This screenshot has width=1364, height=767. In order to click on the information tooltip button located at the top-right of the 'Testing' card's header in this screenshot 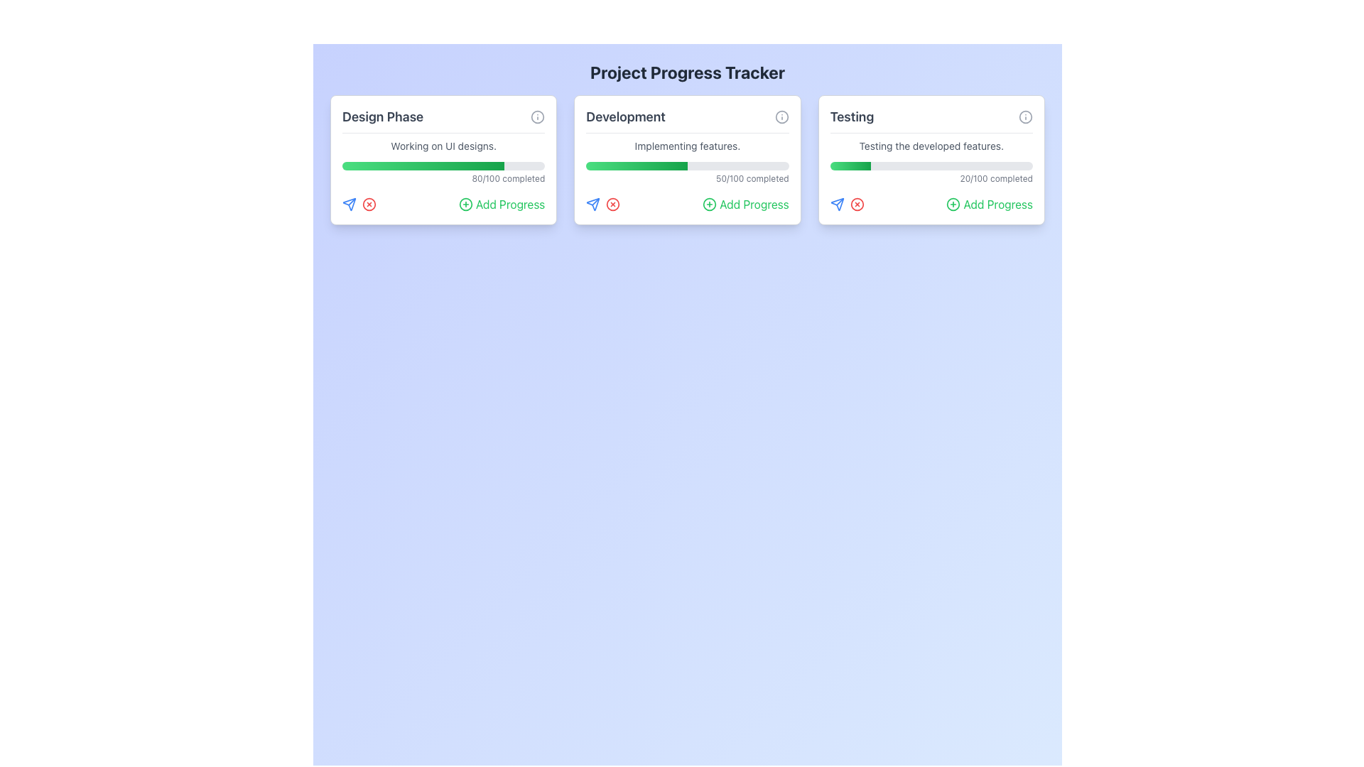, I will do `click(1026, 116)`.